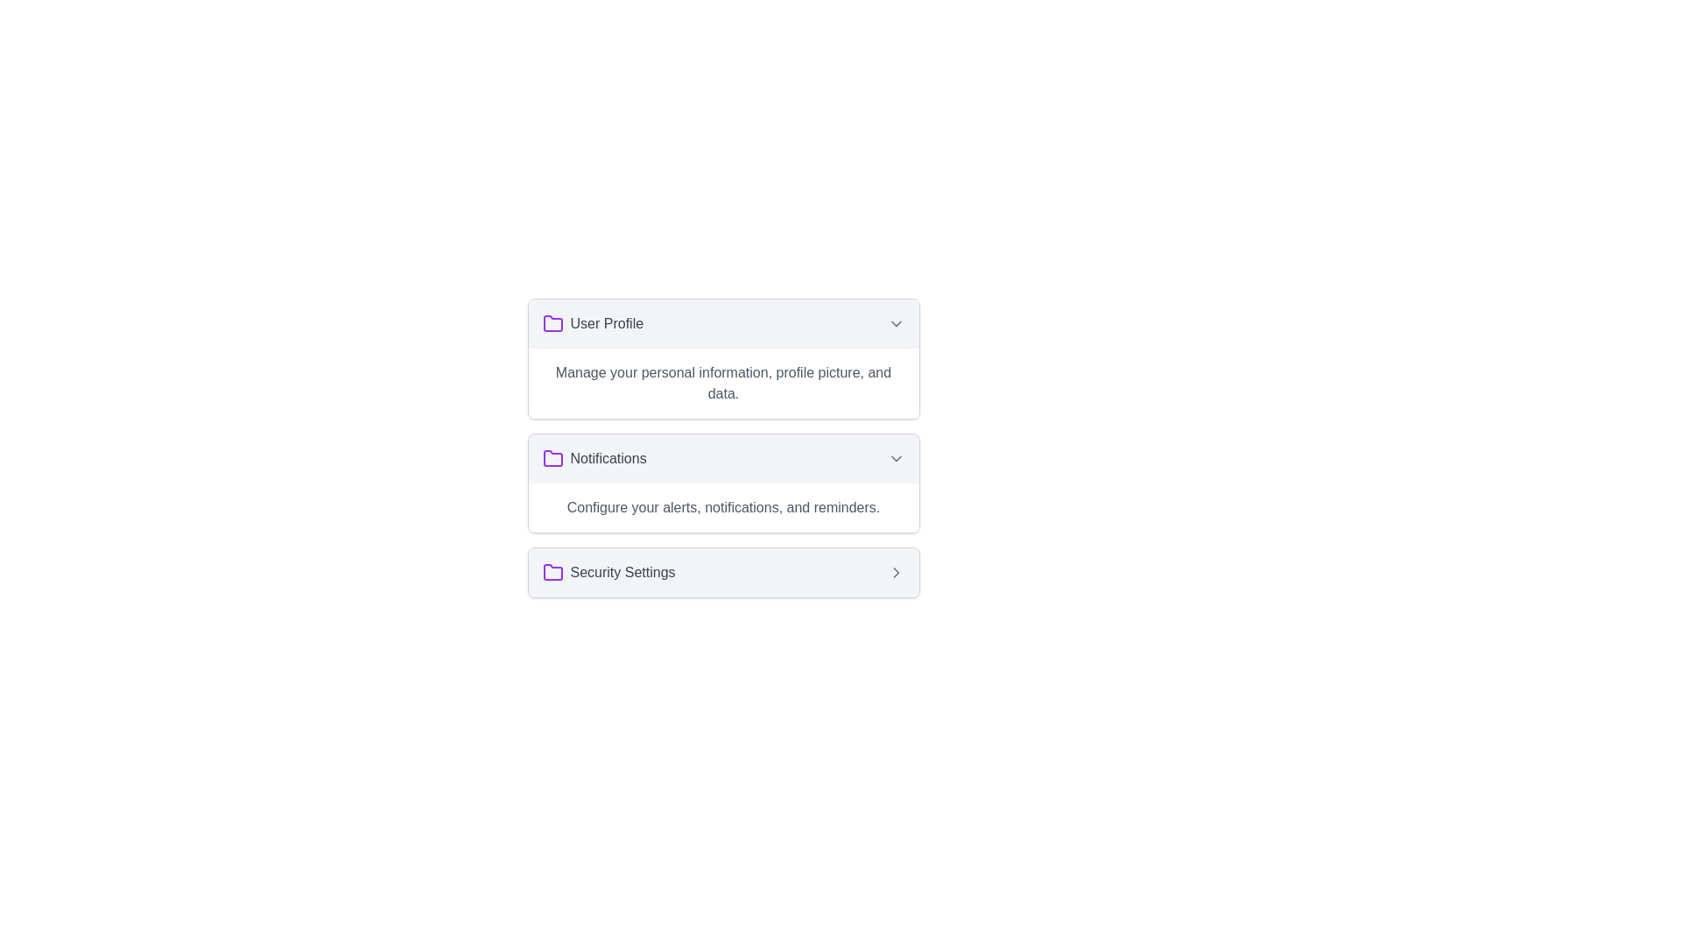  I want to click on the Security Settings icon, which is the visual indicator located at the leftmost position of the 'Security Settings' list item, next to the text displaying 'Security Settings', so click(552, 573).